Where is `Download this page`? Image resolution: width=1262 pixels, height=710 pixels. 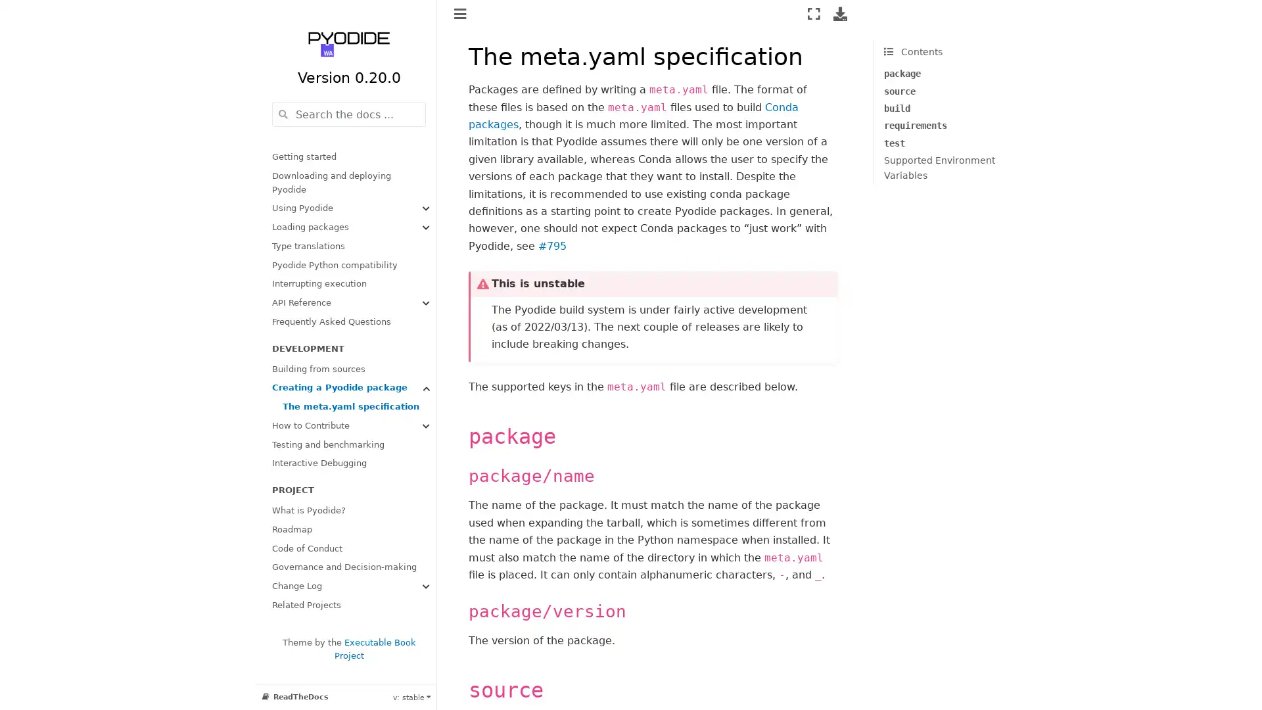 Download this page is located at coordinates (839, 13).